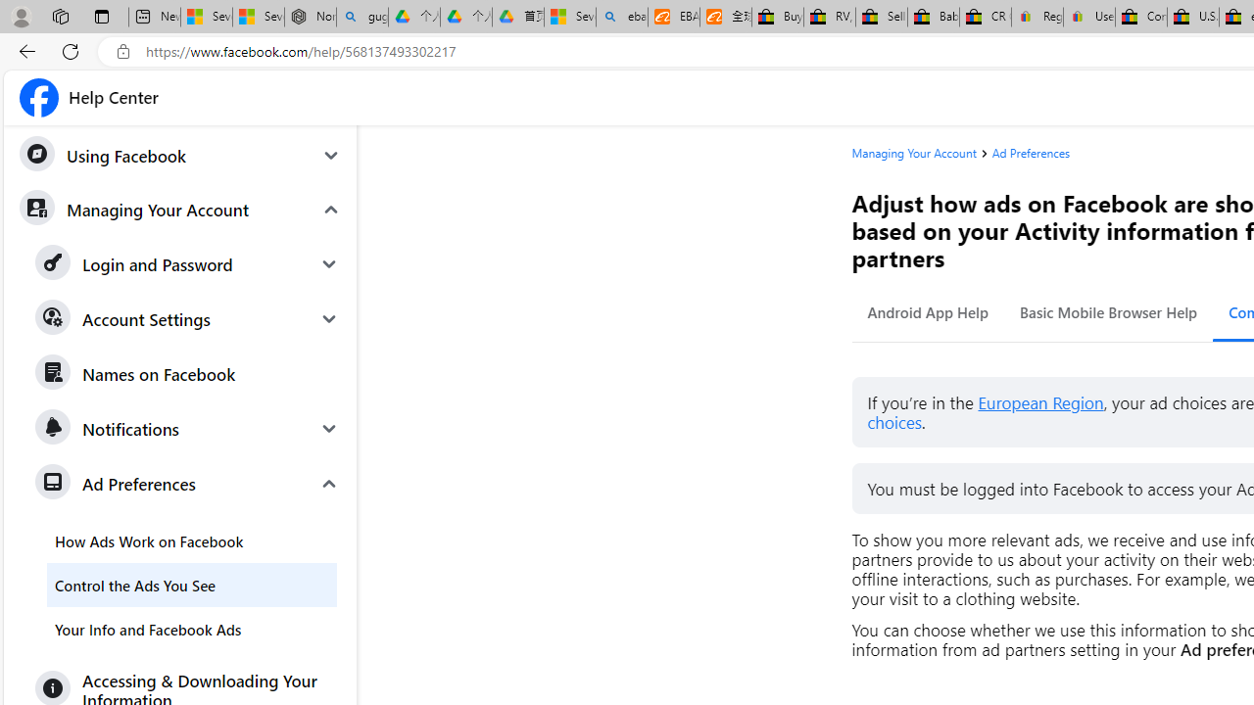  What do you see at coordinates (188, 373) in the screenshot?
I see `'Names on Facebook'` at bounding box center [188, 373].